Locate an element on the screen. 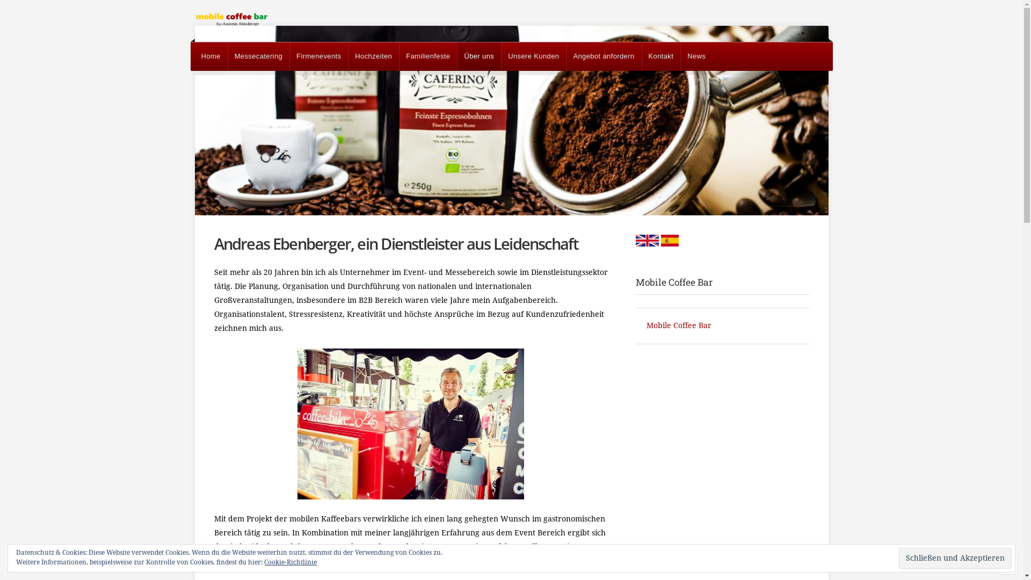  'Mobile Coffee Bar' is located at coordinates (678, 324).